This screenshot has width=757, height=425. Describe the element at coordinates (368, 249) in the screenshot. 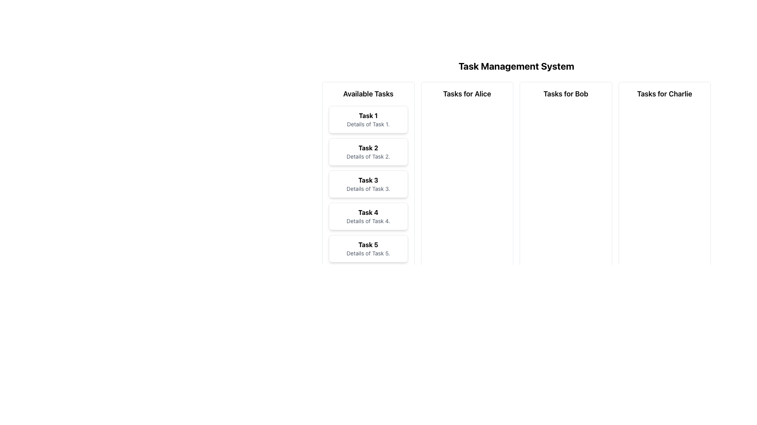

I see `the fifth task card in the task management system` at that location.